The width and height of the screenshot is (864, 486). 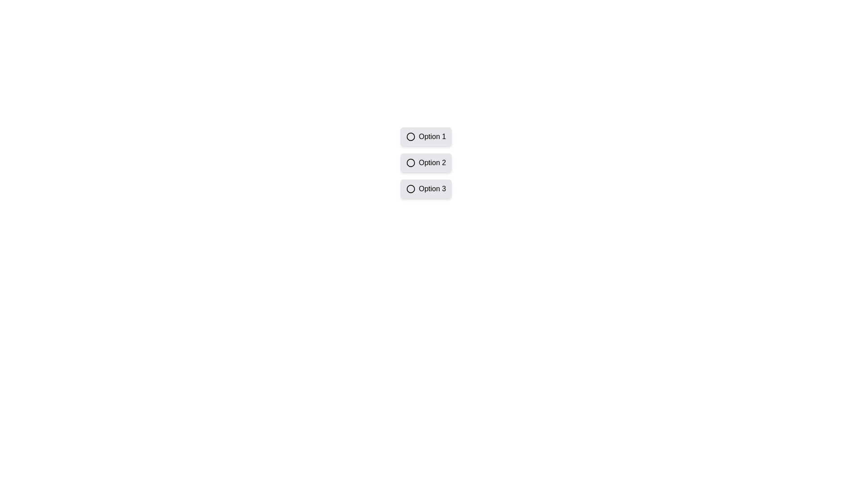 I want to click on the second radio button in the vertical stack of three options, so click(x=410, y=163).